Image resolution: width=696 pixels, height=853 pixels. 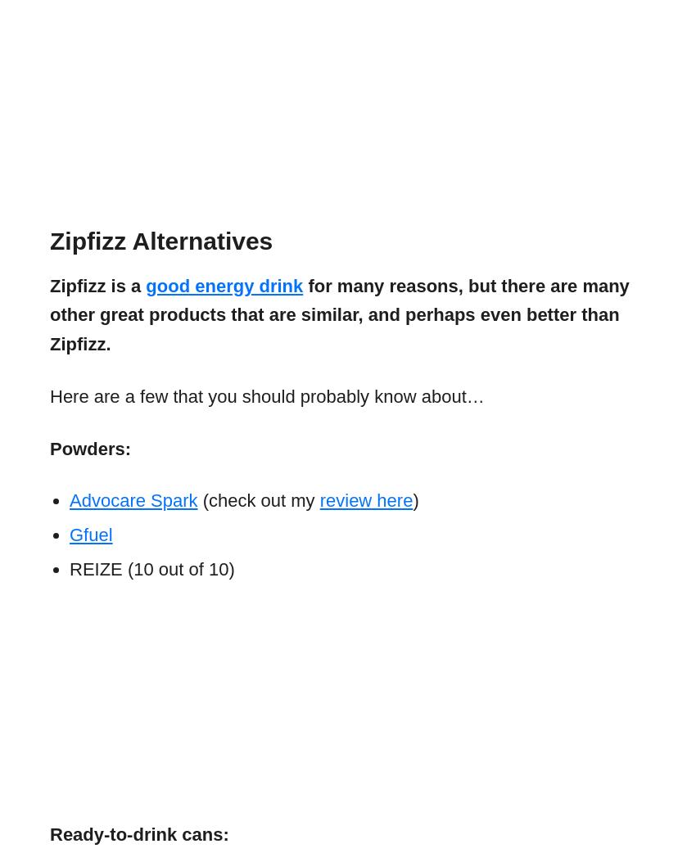 What do you see at coordinates (319, 500) in the screenshot?
I see `'review here'` at bounding box center [319, 500].